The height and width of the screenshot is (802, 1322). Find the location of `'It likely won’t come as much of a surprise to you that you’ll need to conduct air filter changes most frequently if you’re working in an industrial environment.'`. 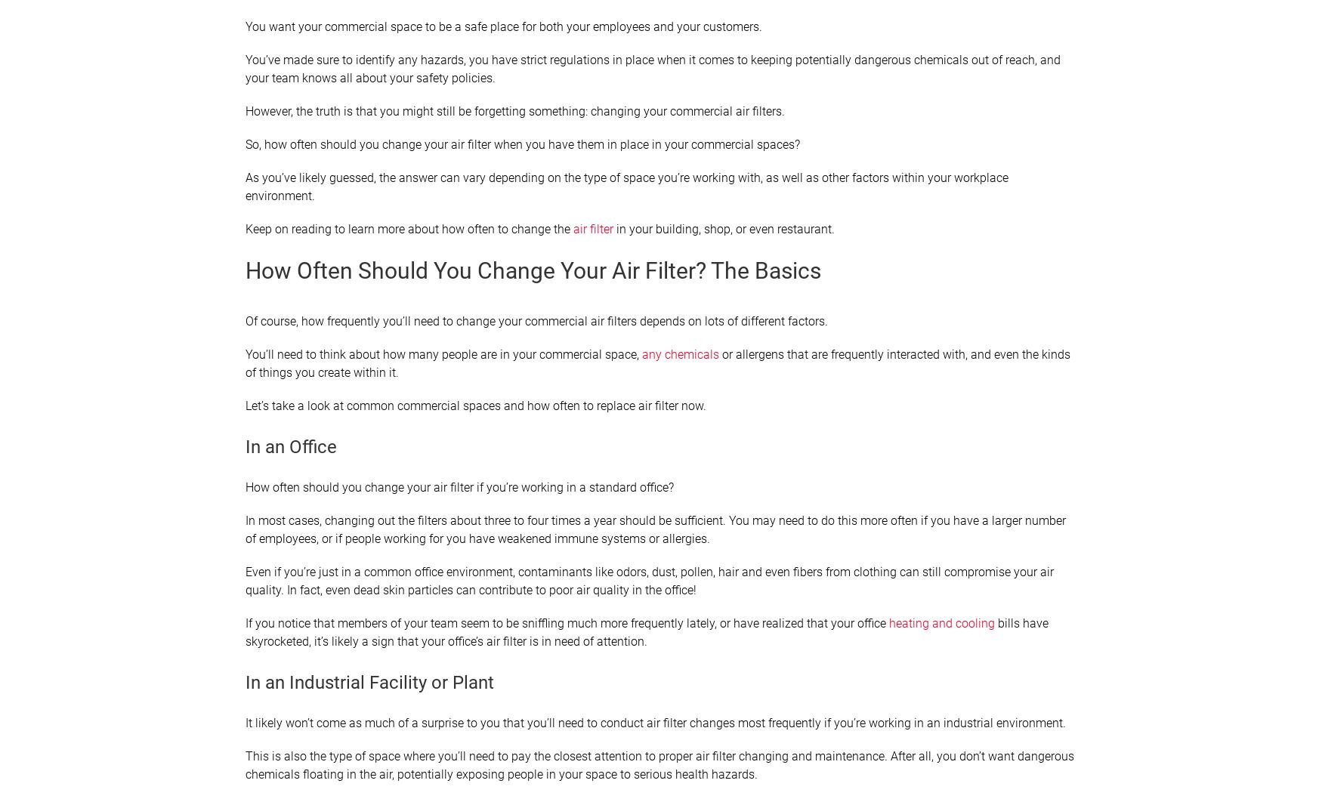

'It likely won’t come as much of a surprise to you that you’ll need to conduct air filter changes most frequently if you’re working in an industrial environment.' is located at coordinates (656, 722).